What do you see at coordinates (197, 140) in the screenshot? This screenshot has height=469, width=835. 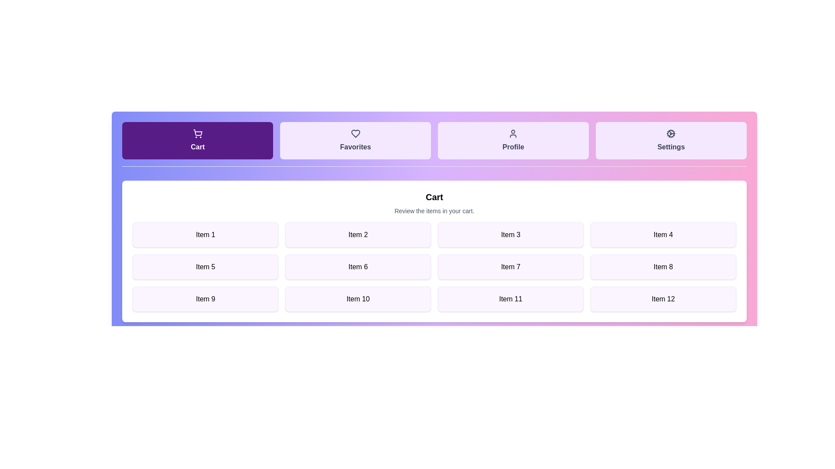 I see `the Cart tab to observe its visual design` at bounding box center [197, 140].